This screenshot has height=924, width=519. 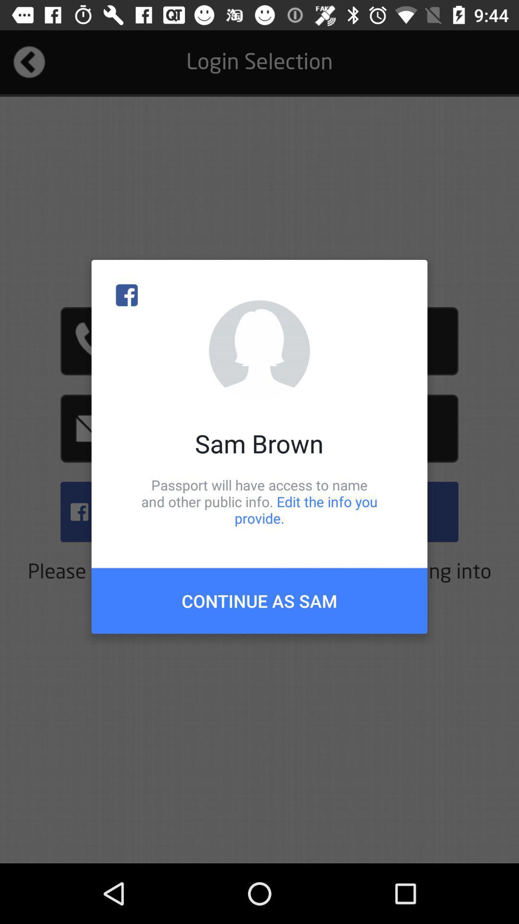 What do you see at coordinates (259, 501) in the screenshot?
I see `the passport will have item` at bounding box center [259, 501].